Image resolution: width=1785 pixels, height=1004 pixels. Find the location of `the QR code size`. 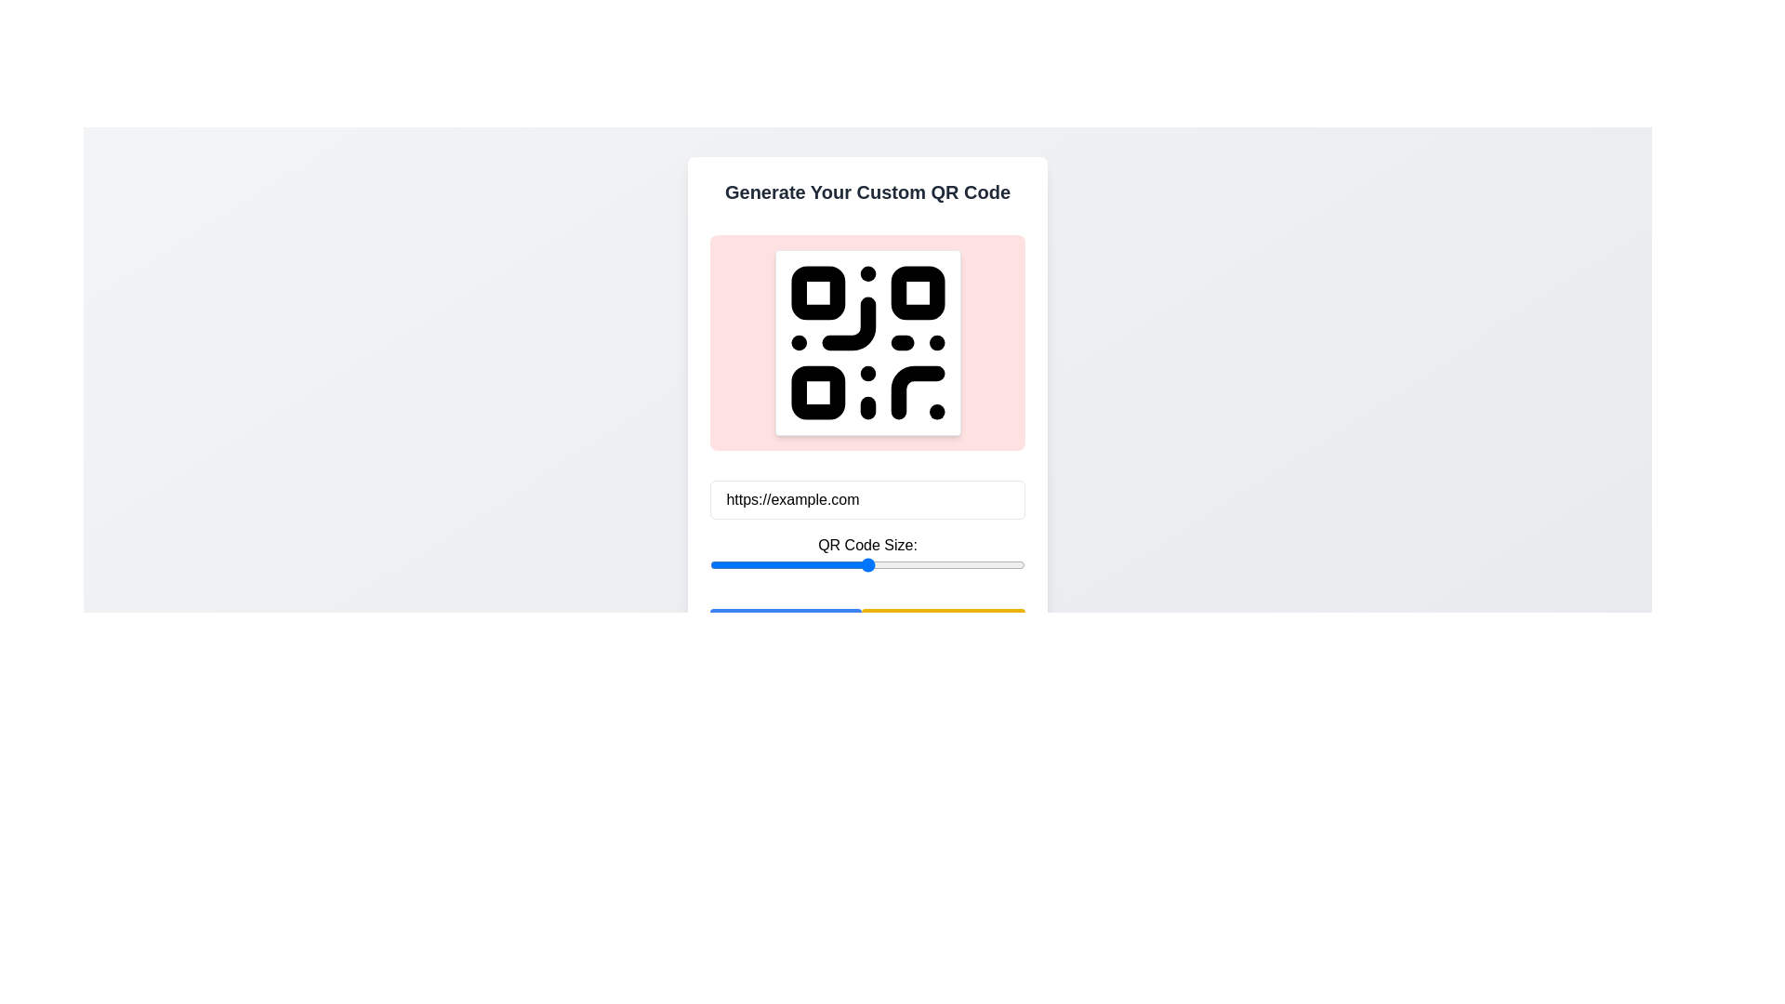

the QR code size is located at coordinates (1011, 564).